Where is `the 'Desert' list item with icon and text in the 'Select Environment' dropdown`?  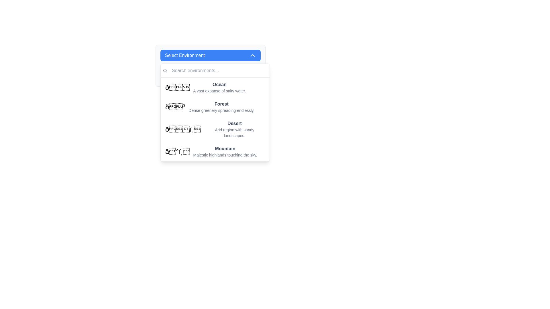 the 'Desert' list item with icon and text in the 'Select Environment' dropdown is located at coordinates (215, 129).